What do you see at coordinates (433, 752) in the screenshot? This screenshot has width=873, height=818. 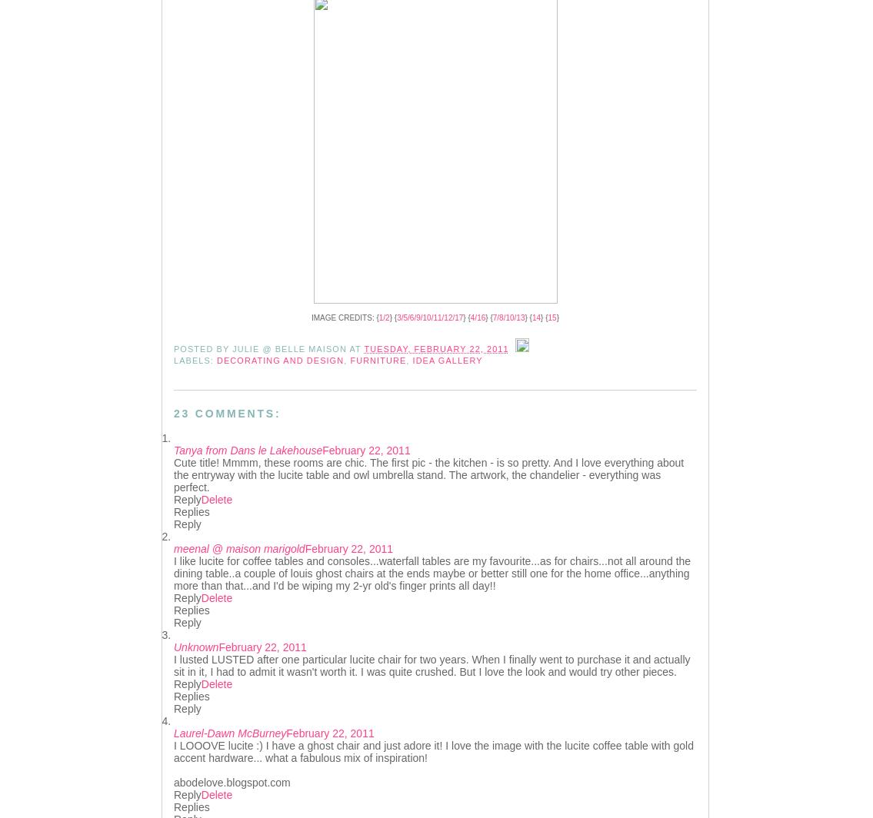 I see `'I LOOOVE lucite :) I have a ghost chair and just adore it! I love the image with the lucite coffee table with gold accent hardware... what a fabulous mix of inspiration!'` at bounding box center [433, 752].